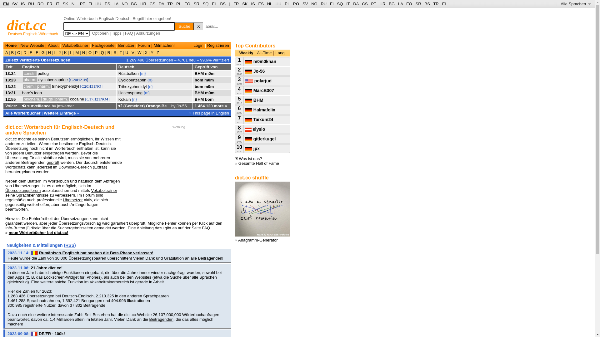  Describe the element at coordinates (339, 4) in the screenshot. I see `'SQ'` at that location.